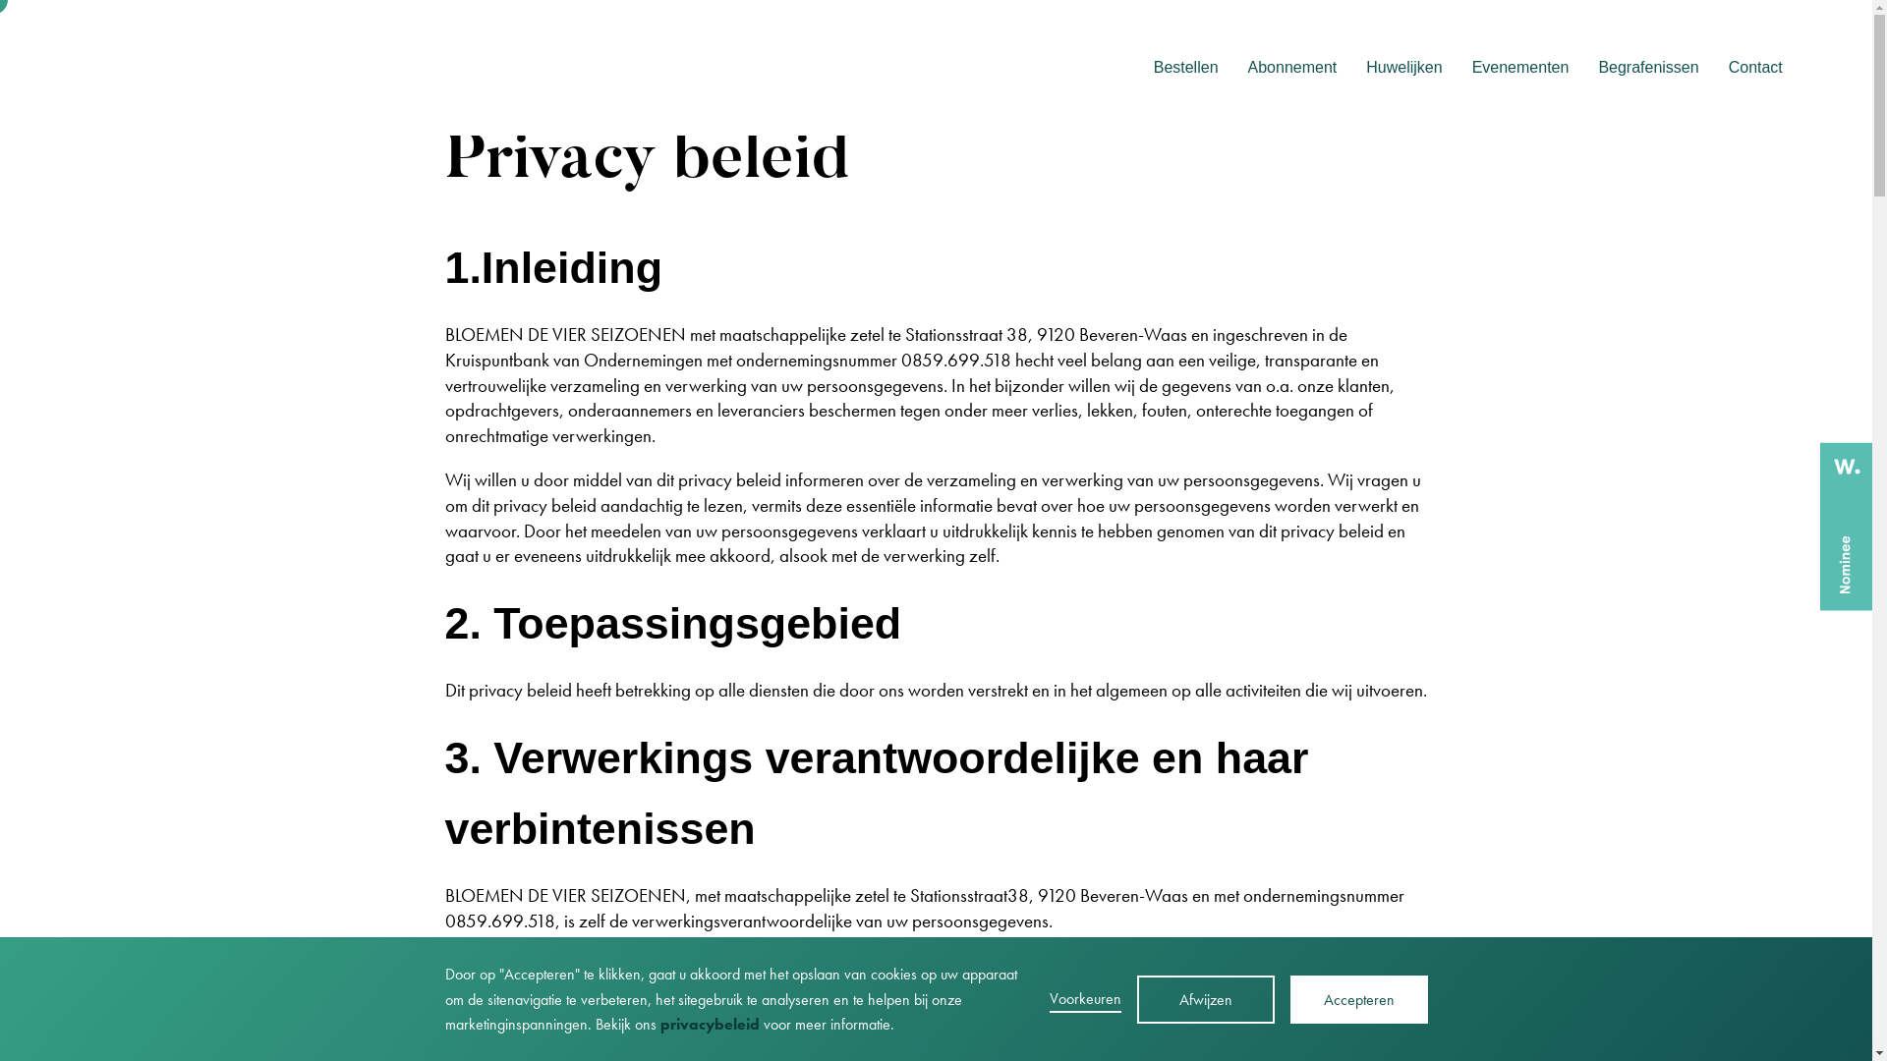 The width and height of the screenshot is (1887, 1061). What do you see at coordinates (1647, 67) in the screenshot?
I see `'Begrafenissen'` at bounding box center [1647, 67].